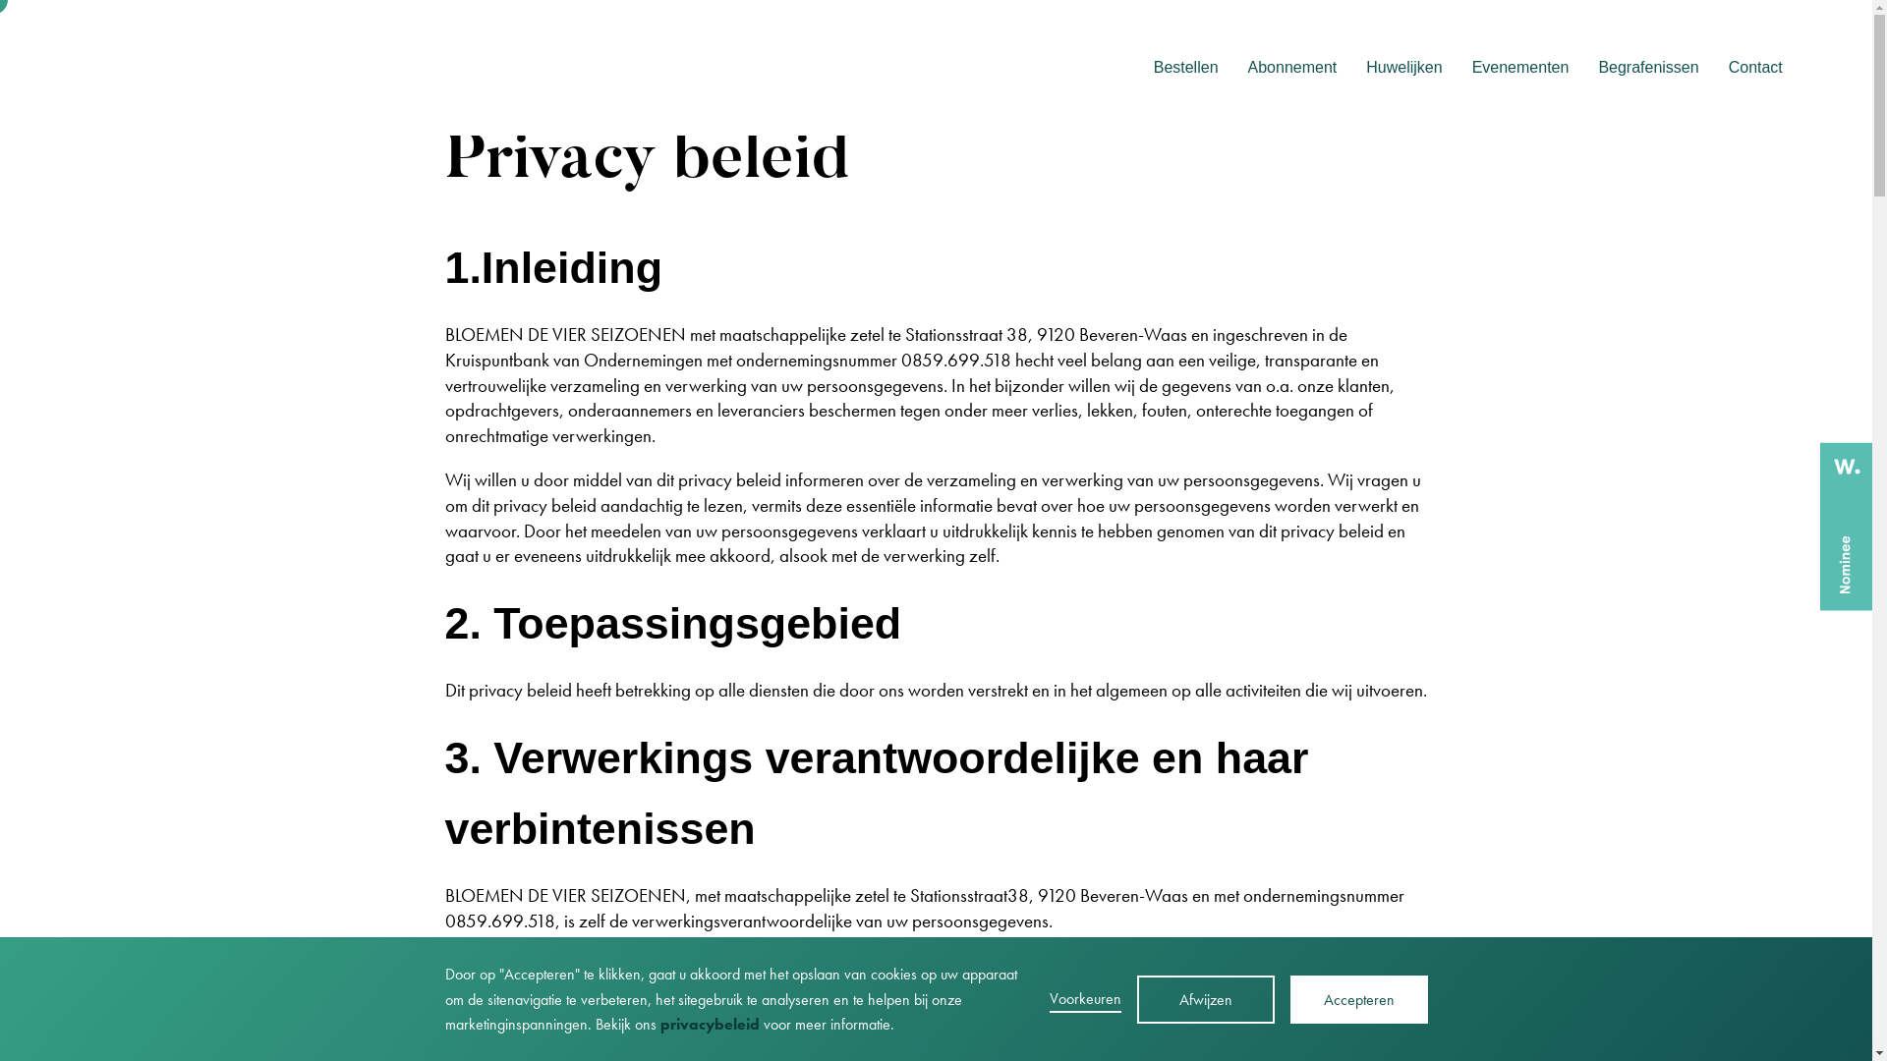 The width and height of the screenshot is (1887, 1061). What do you see at coordinates (1647, 67) in the screenshot?
I see `'Begrafenissen'` at bounding box center [1647, 67].